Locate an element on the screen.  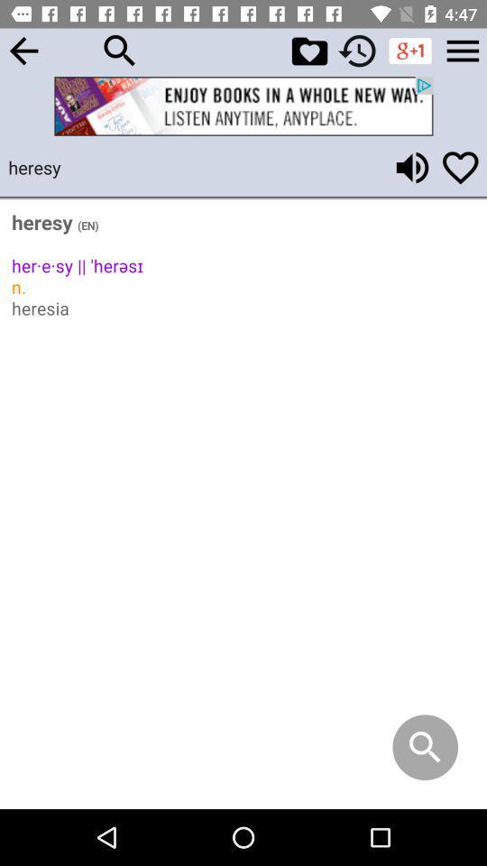
the arrow_backward icon is located at coordinates (23, 50).